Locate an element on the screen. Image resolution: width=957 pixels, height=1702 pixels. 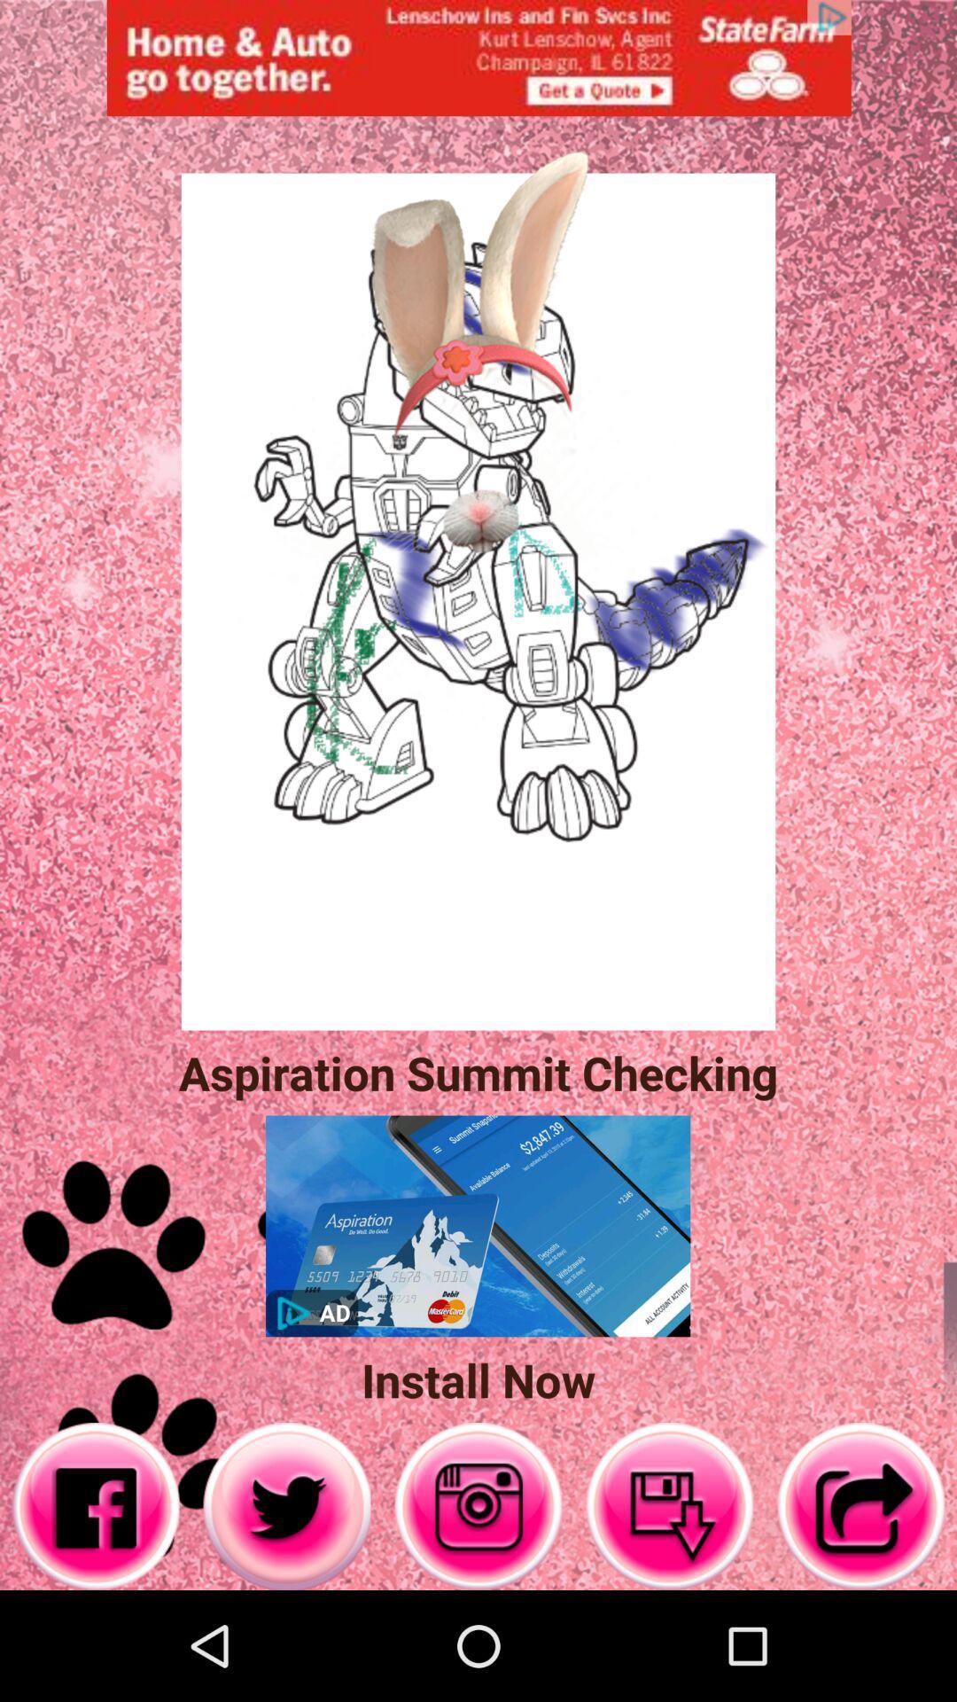
the twitter icon is located at coordinates (286, 1612).